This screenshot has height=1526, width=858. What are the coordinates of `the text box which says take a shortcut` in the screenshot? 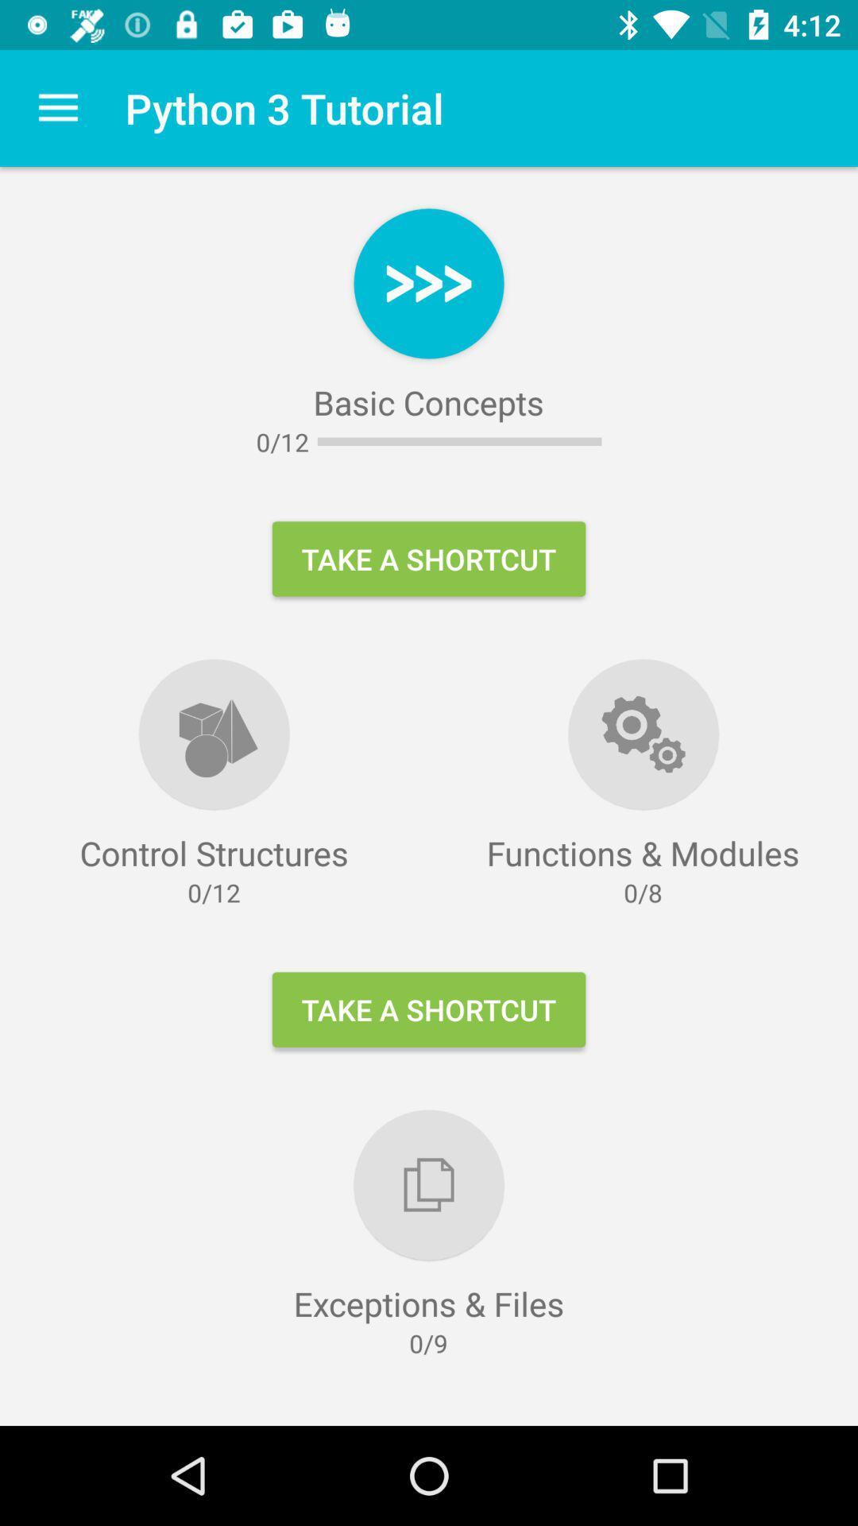 It's located at (429, 1009).